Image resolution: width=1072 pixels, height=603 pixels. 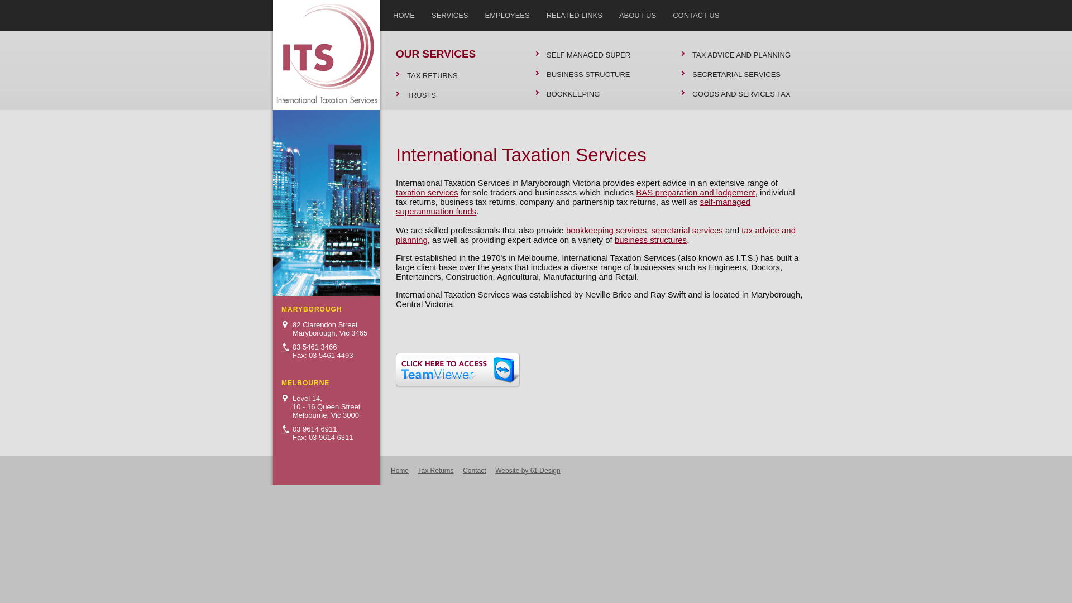 What do you see at coordinates (403, 13) in the screenshot?
I see `'HOME'` at bounding box center [403, 13].